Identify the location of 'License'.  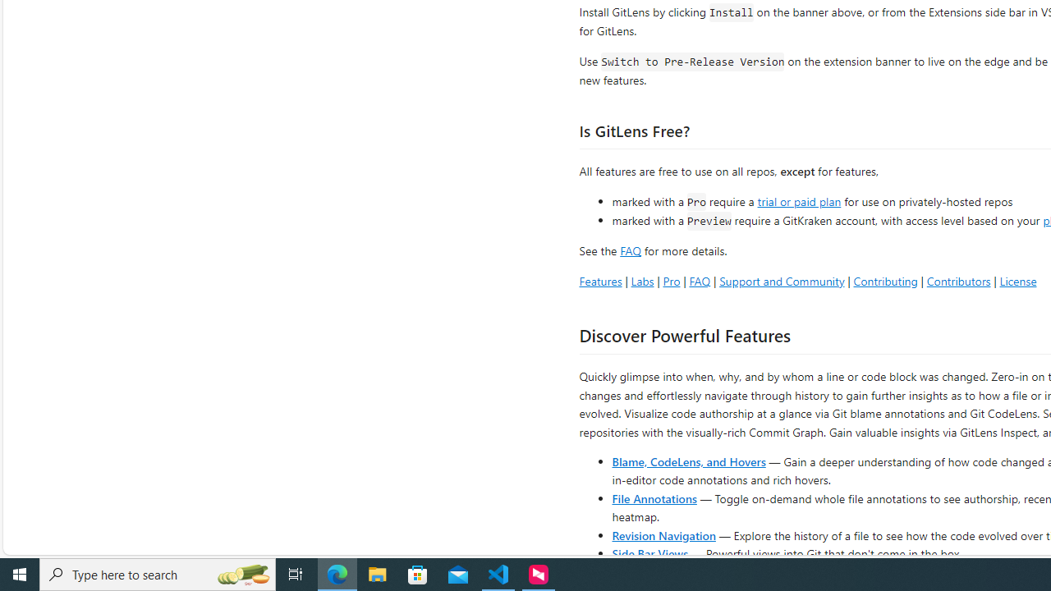
(1017, 280).